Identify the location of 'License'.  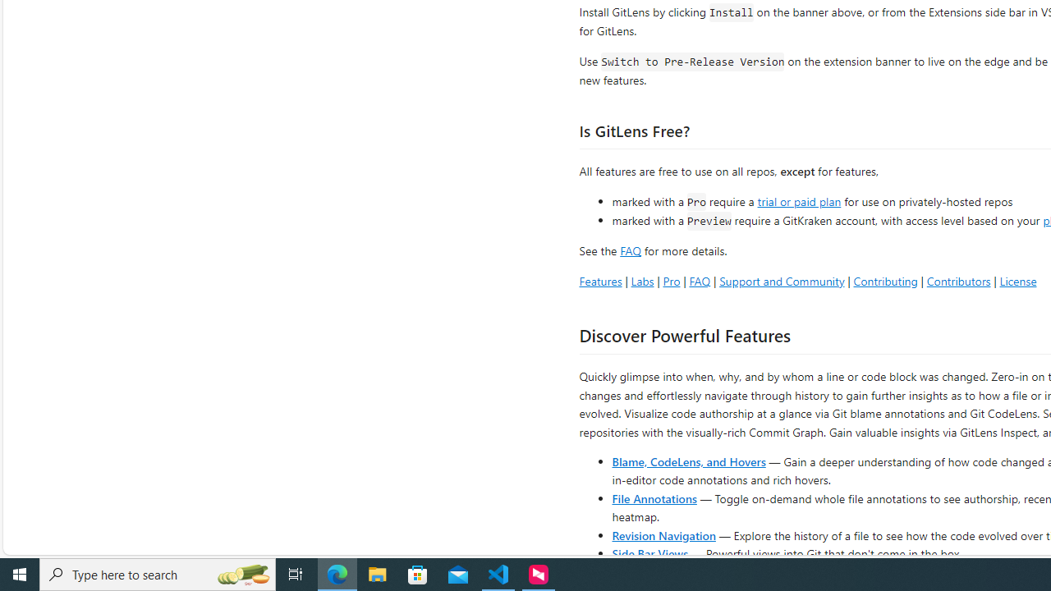
(1017, 280).